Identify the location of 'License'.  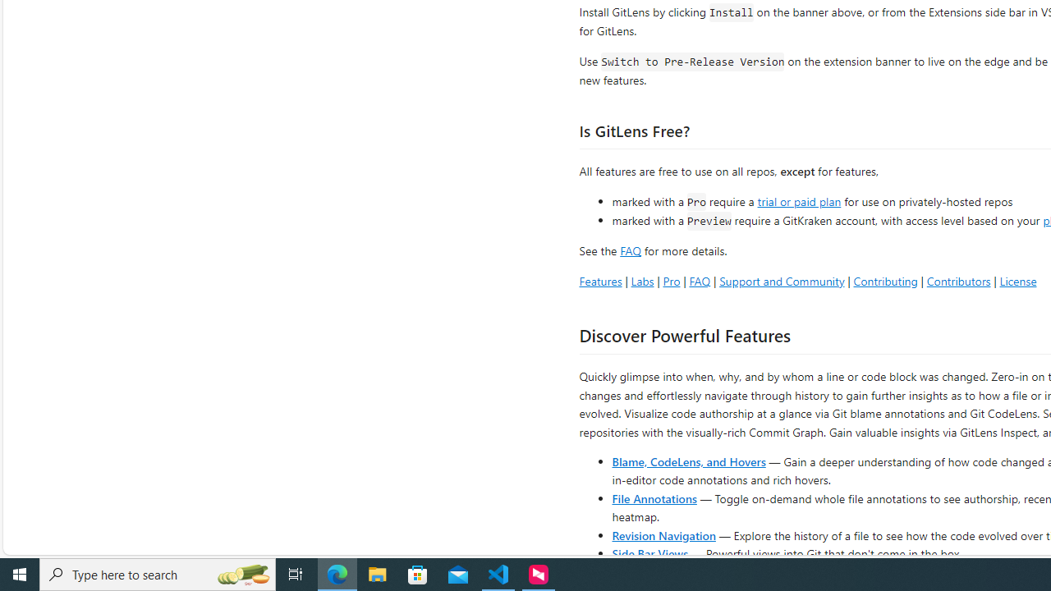
(1017, 280).